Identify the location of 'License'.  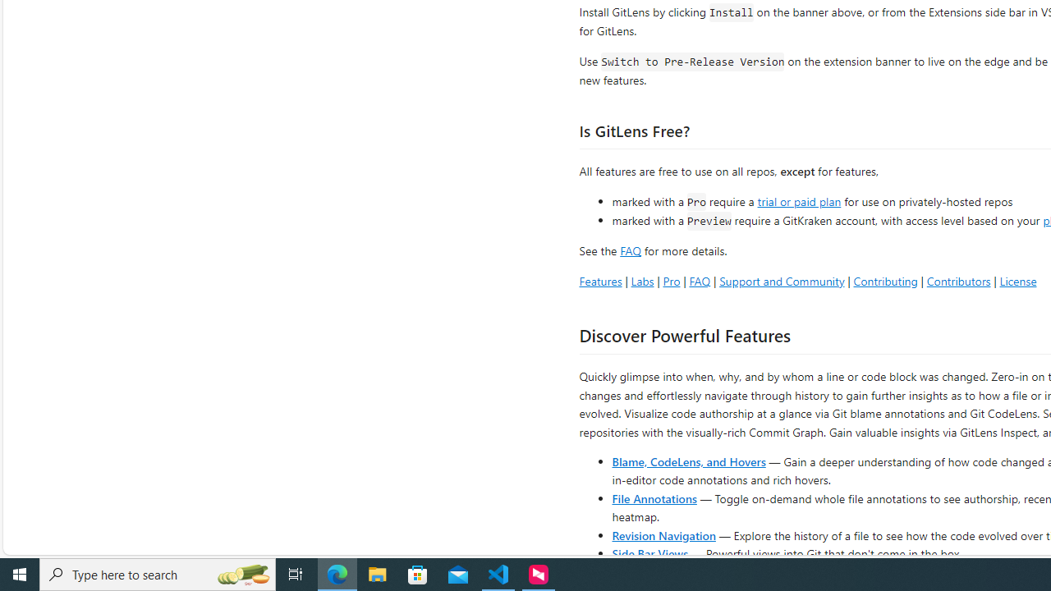
(1017, 280).